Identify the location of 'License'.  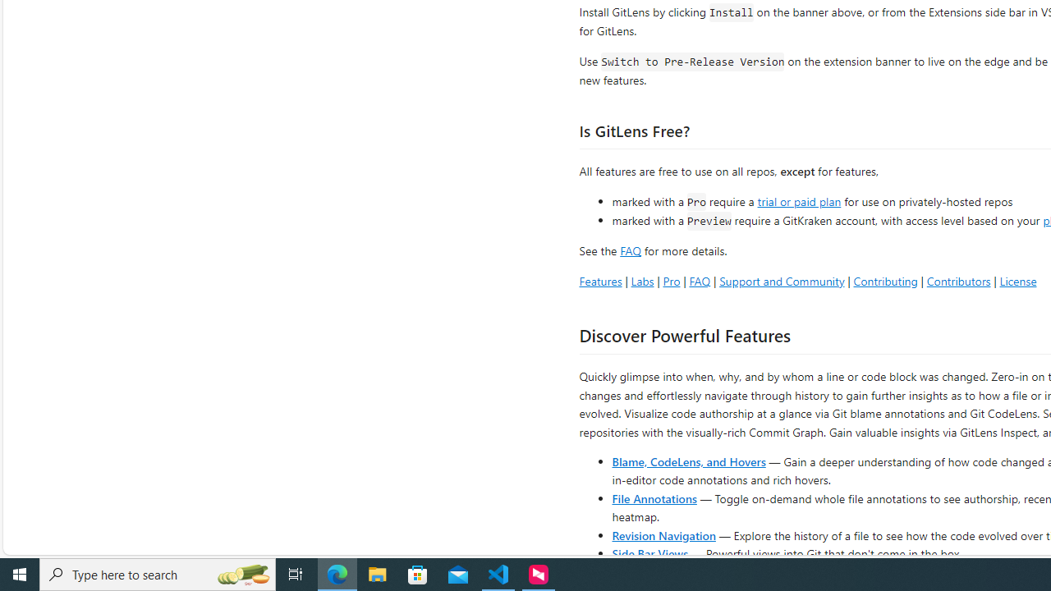
(1017, 280).